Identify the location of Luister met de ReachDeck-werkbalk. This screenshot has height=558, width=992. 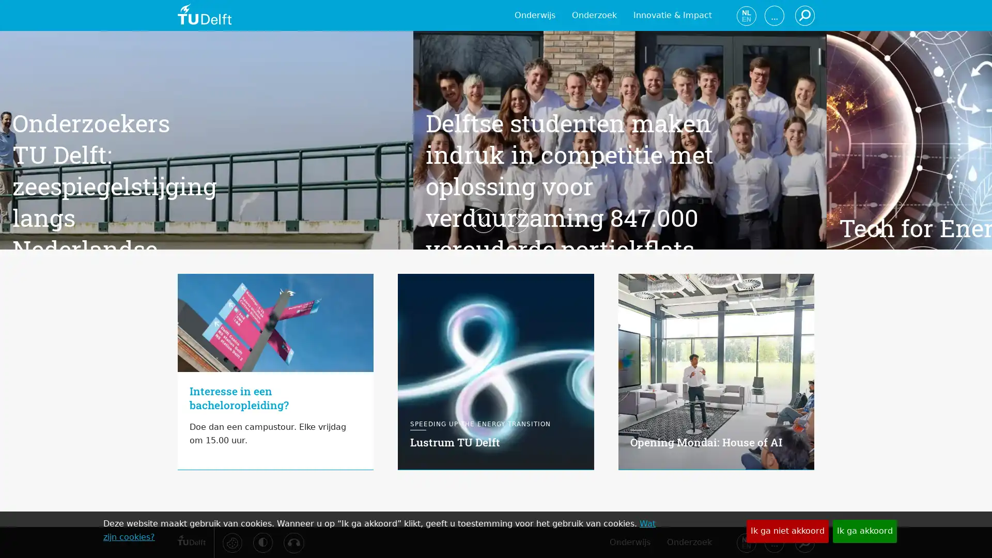
(292, 542).